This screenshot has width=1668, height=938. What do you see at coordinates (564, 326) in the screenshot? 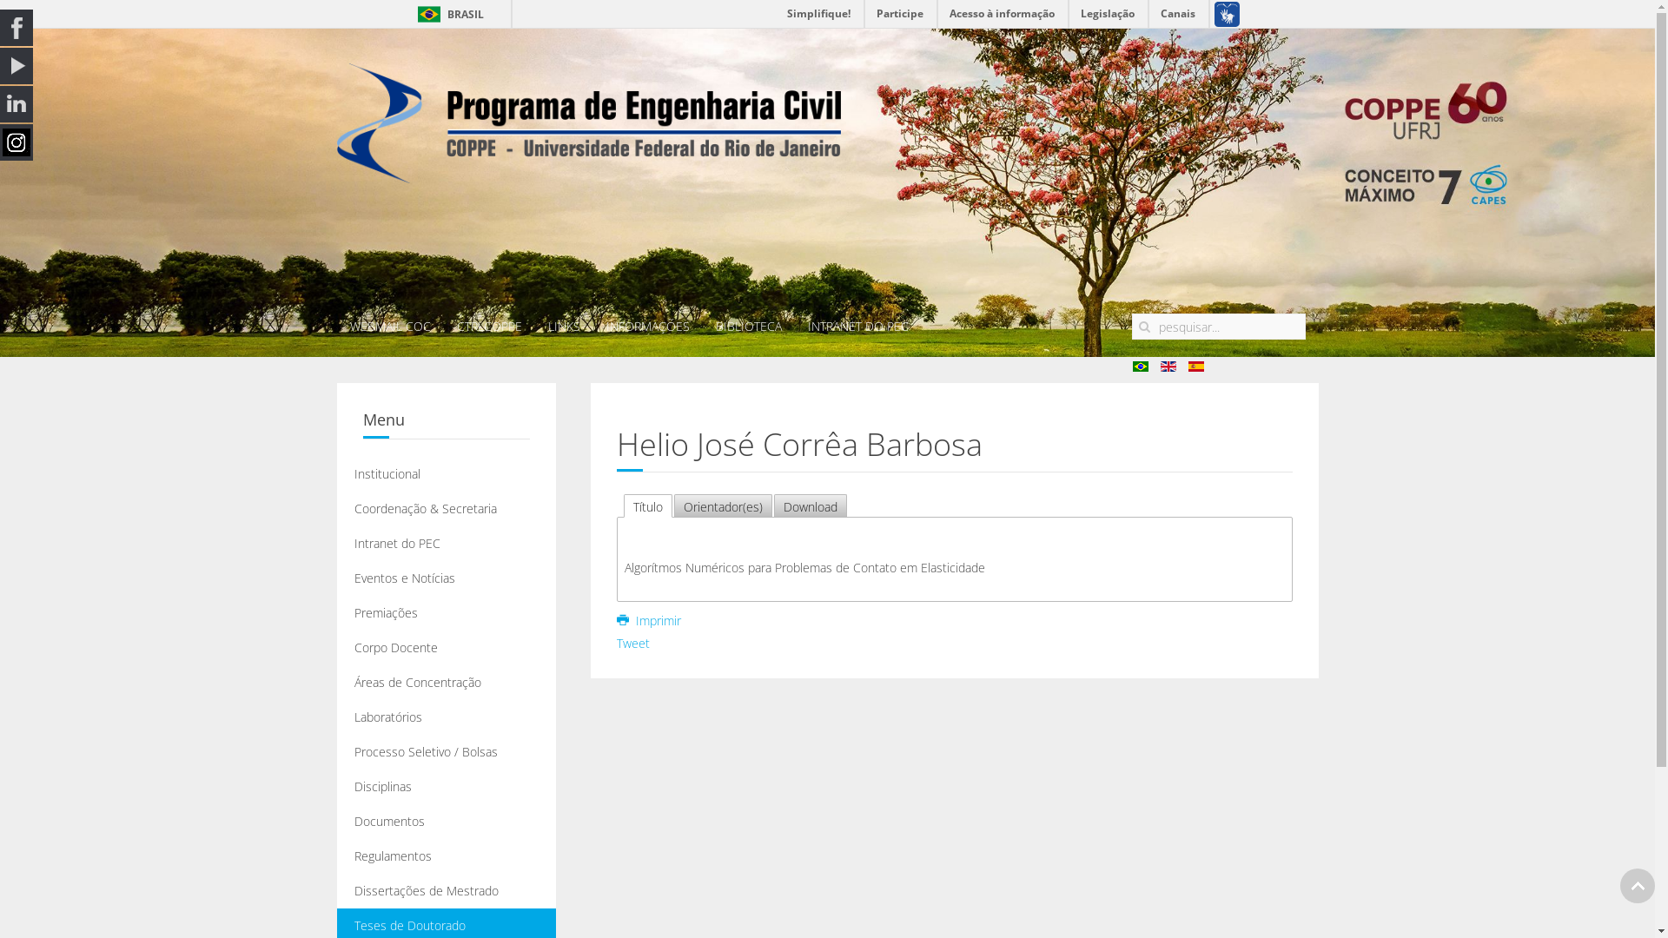
I see `'LINKS'` at bounding box center [564, 326].